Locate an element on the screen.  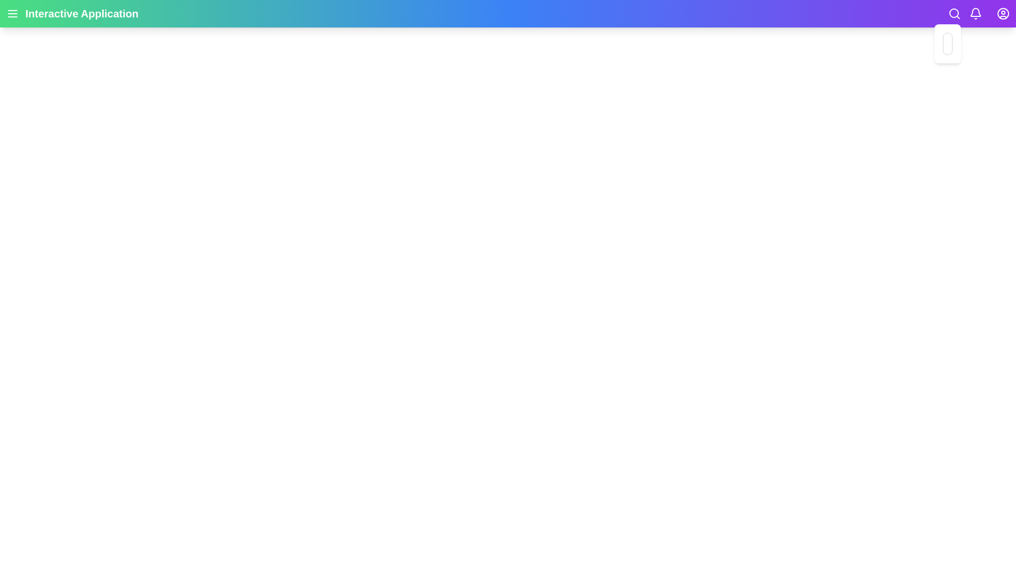
the menu icon to toggle the navigation menu is located at coordinates (13, 14).